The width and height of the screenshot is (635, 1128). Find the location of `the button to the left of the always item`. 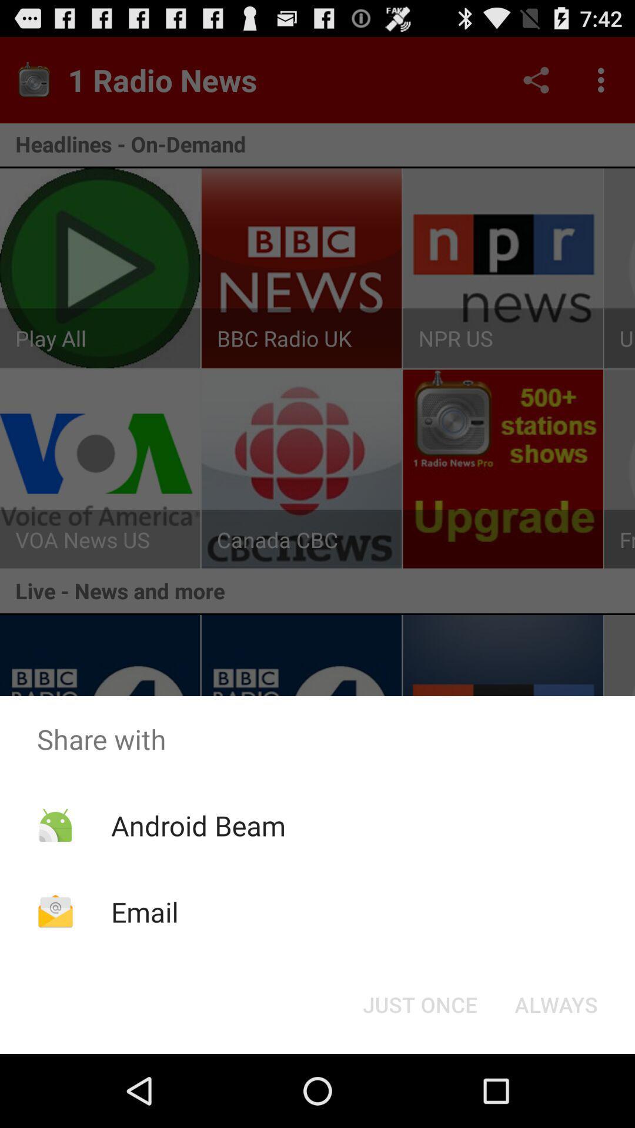

the button to the left of the always item is located at coordinates (419, 1003).